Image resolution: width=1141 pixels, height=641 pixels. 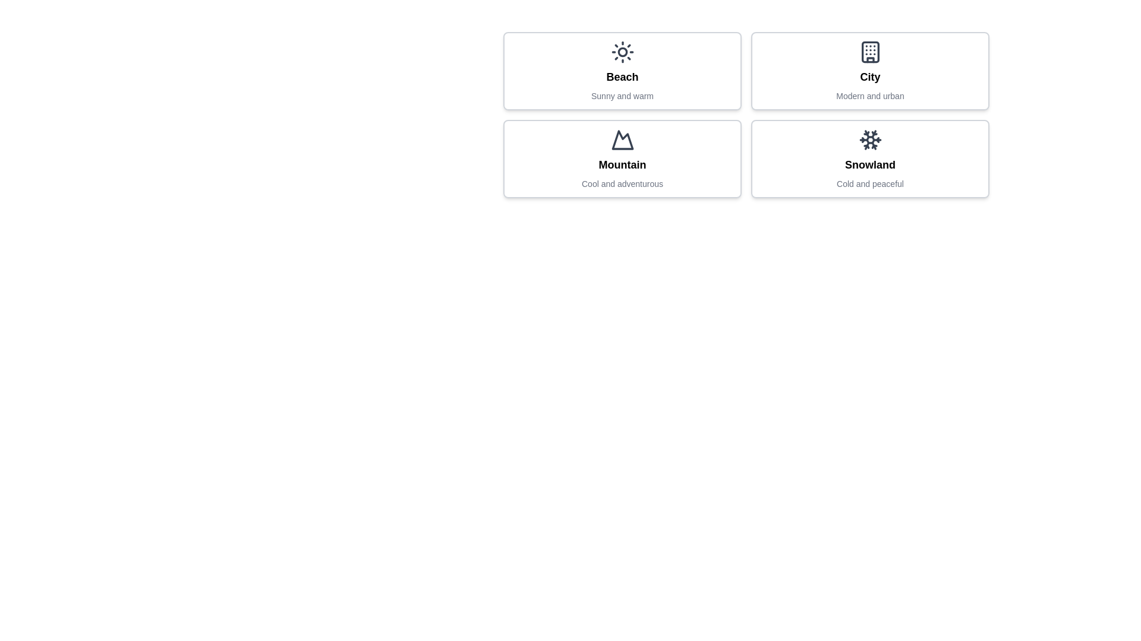 I want to click on the decorative SVG rectangle element representing a building in the 'City' card, which is positioned in the top row of the second column, so click(x=870, y=52).